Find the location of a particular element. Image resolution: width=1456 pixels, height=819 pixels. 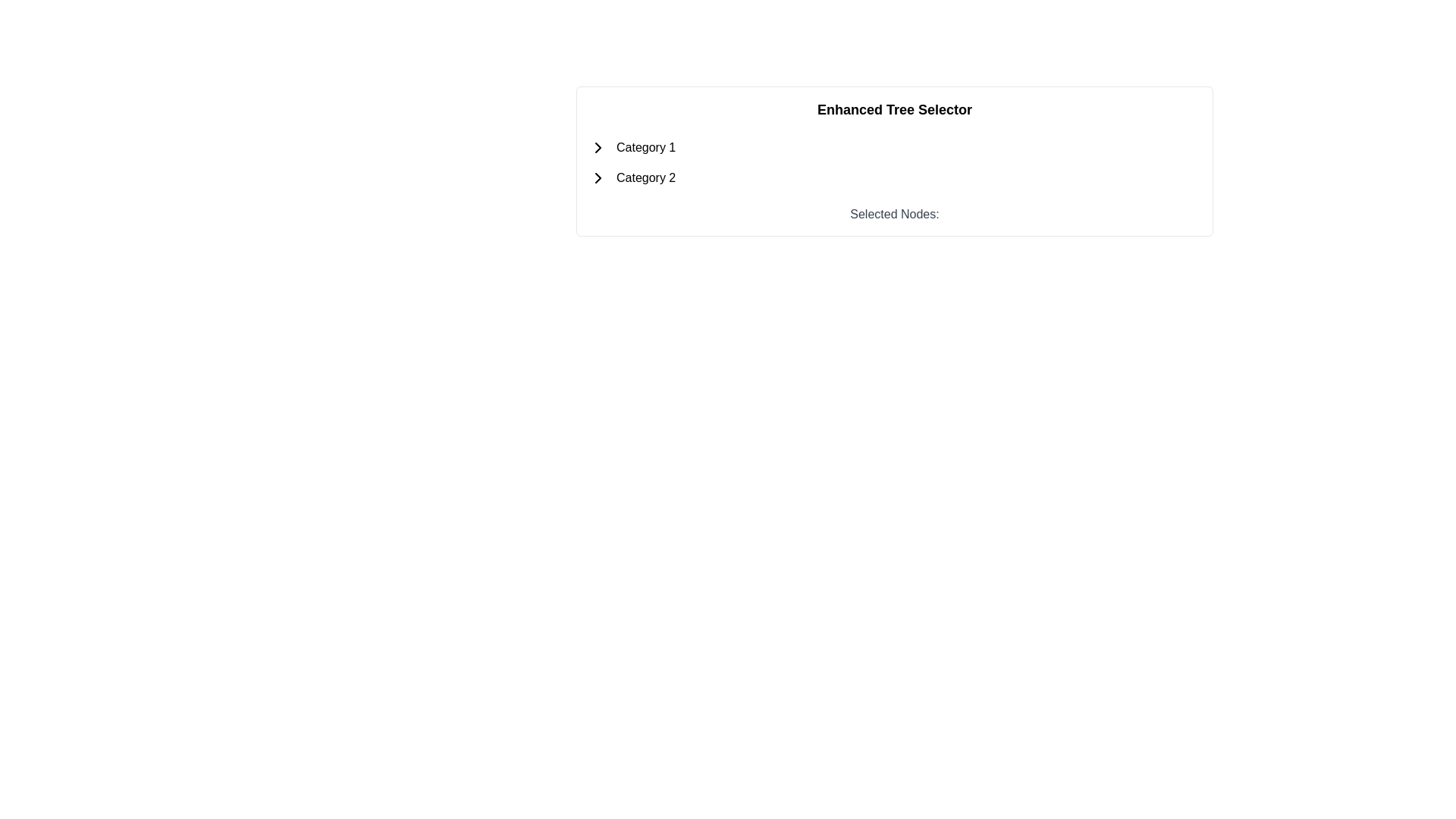

text label displaying 'Category 1', which is styled with 'ml-1' class and positioned adjacent to a tree structure arrow icon is located at coordinates (646, 148).